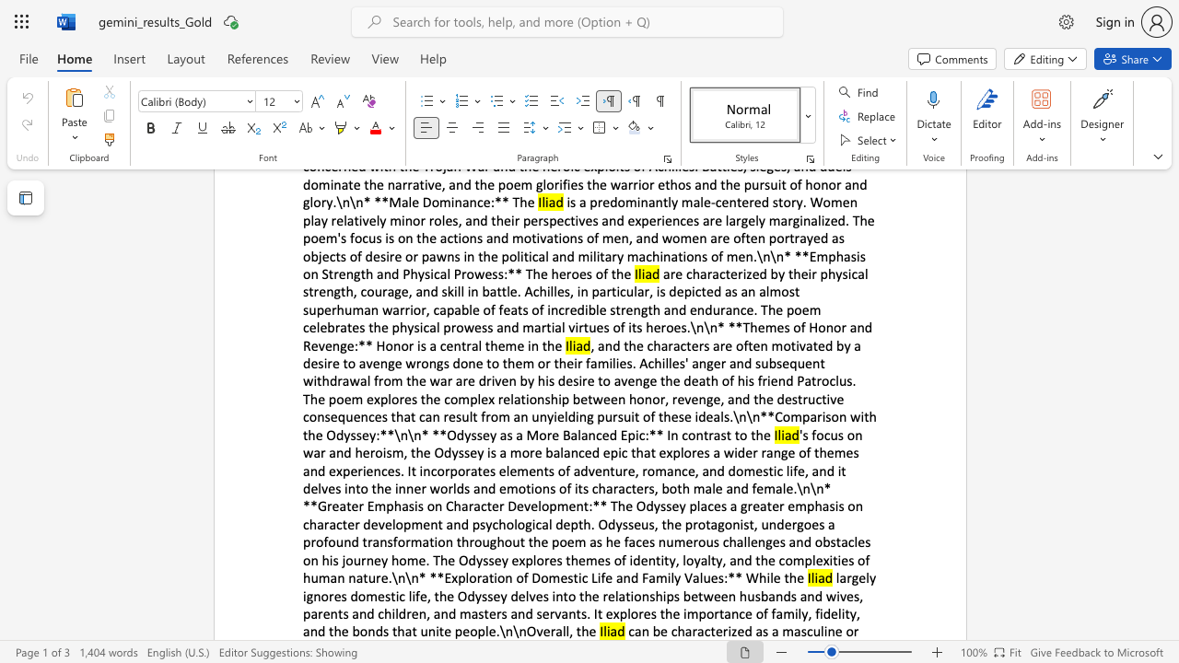  Describe the element at coordinates (309, 630) in the screenshot. I see `the subset text "nd the bonds t" within the text "largely ignores domestic life, the Odyssey delves into the relationships between husbands and wives, parents and children, and masters and servants. It explores the importance of family, fidelity, and the bonds that unite people.\n\nOverall, the"` at that location.